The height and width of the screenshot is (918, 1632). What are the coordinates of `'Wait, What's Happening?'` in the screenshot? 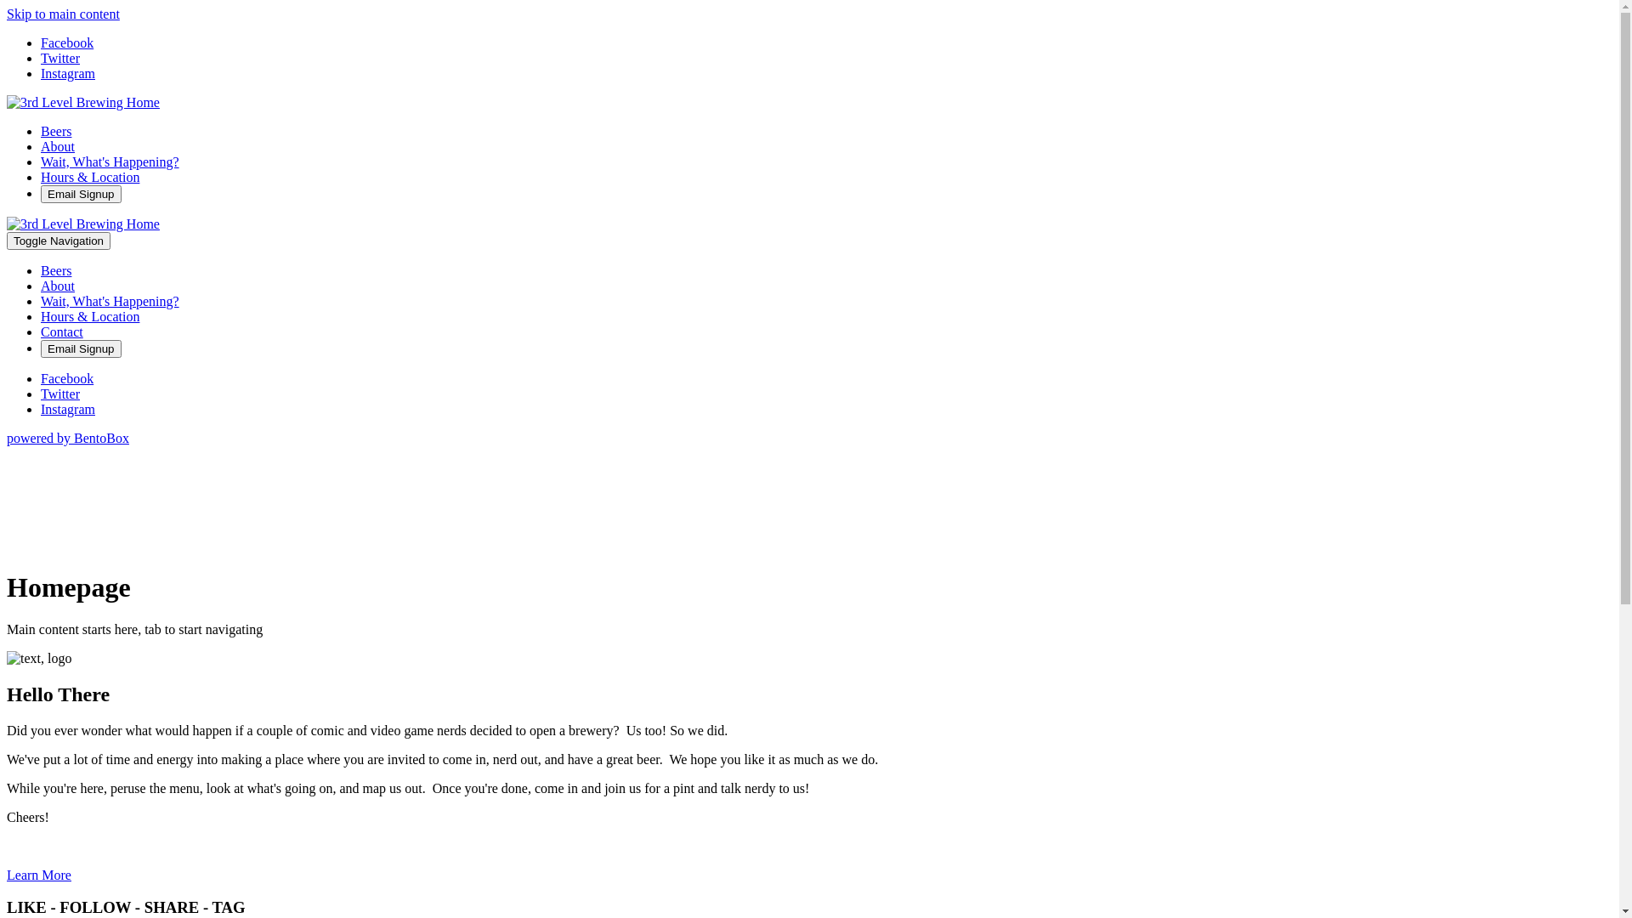 It's located at (109, 161).